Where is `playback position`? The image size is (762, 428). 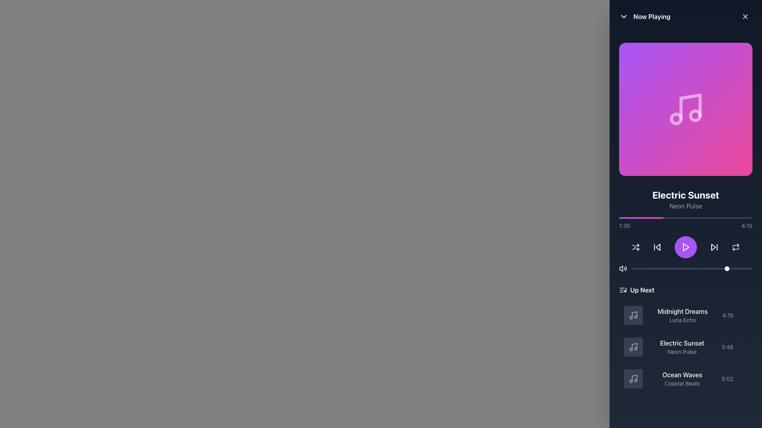 playback position is located at coordinates (642, 218).